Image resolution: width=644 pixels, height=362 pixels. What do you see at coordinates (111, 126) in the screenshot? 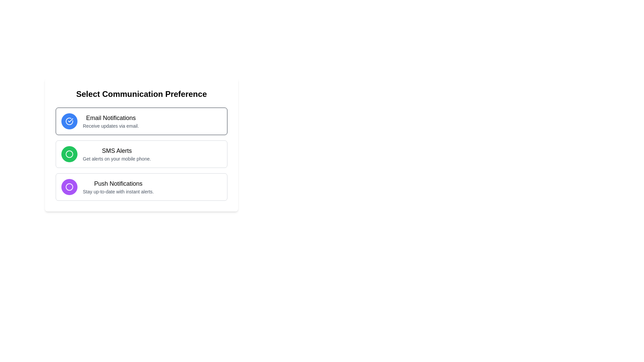
I see `the Label Text that provides additional information about the 'Email Notifications' option, located below the main header in the 'Email Notifications' card` at bounding box center [111, 126].